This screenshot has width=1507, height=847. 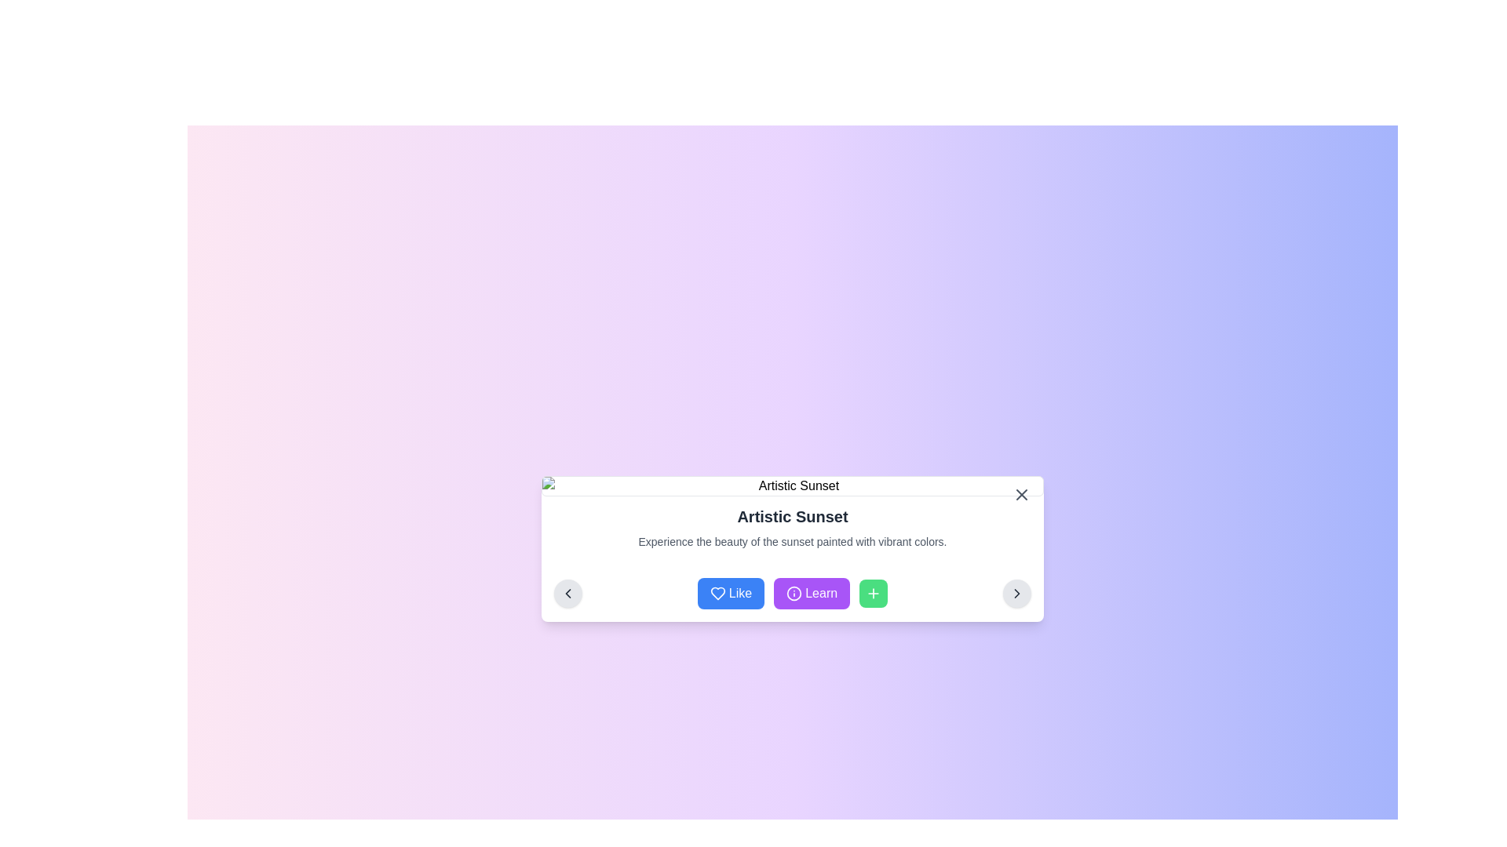 I want to click on the icon located within the rightmost circular button in the bottom-right corner of the dialog box, so click(x=1017, y=593).